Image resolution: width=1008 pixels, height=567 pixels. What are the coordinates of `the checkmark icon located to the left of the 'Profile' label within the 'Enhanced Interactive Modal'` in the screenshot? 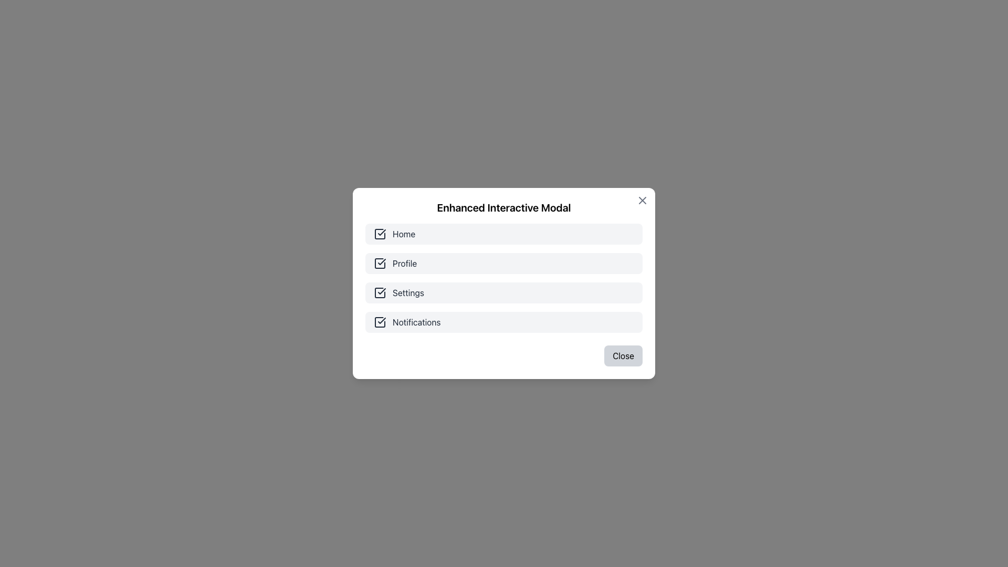 It's located at (381, 261).